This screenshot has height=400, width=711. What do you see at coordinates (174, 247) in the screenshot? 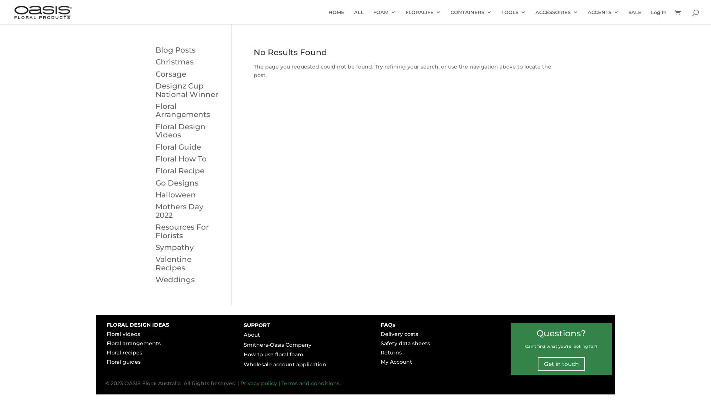
I see `'Sympathy'` at bounding box center [174, 247].